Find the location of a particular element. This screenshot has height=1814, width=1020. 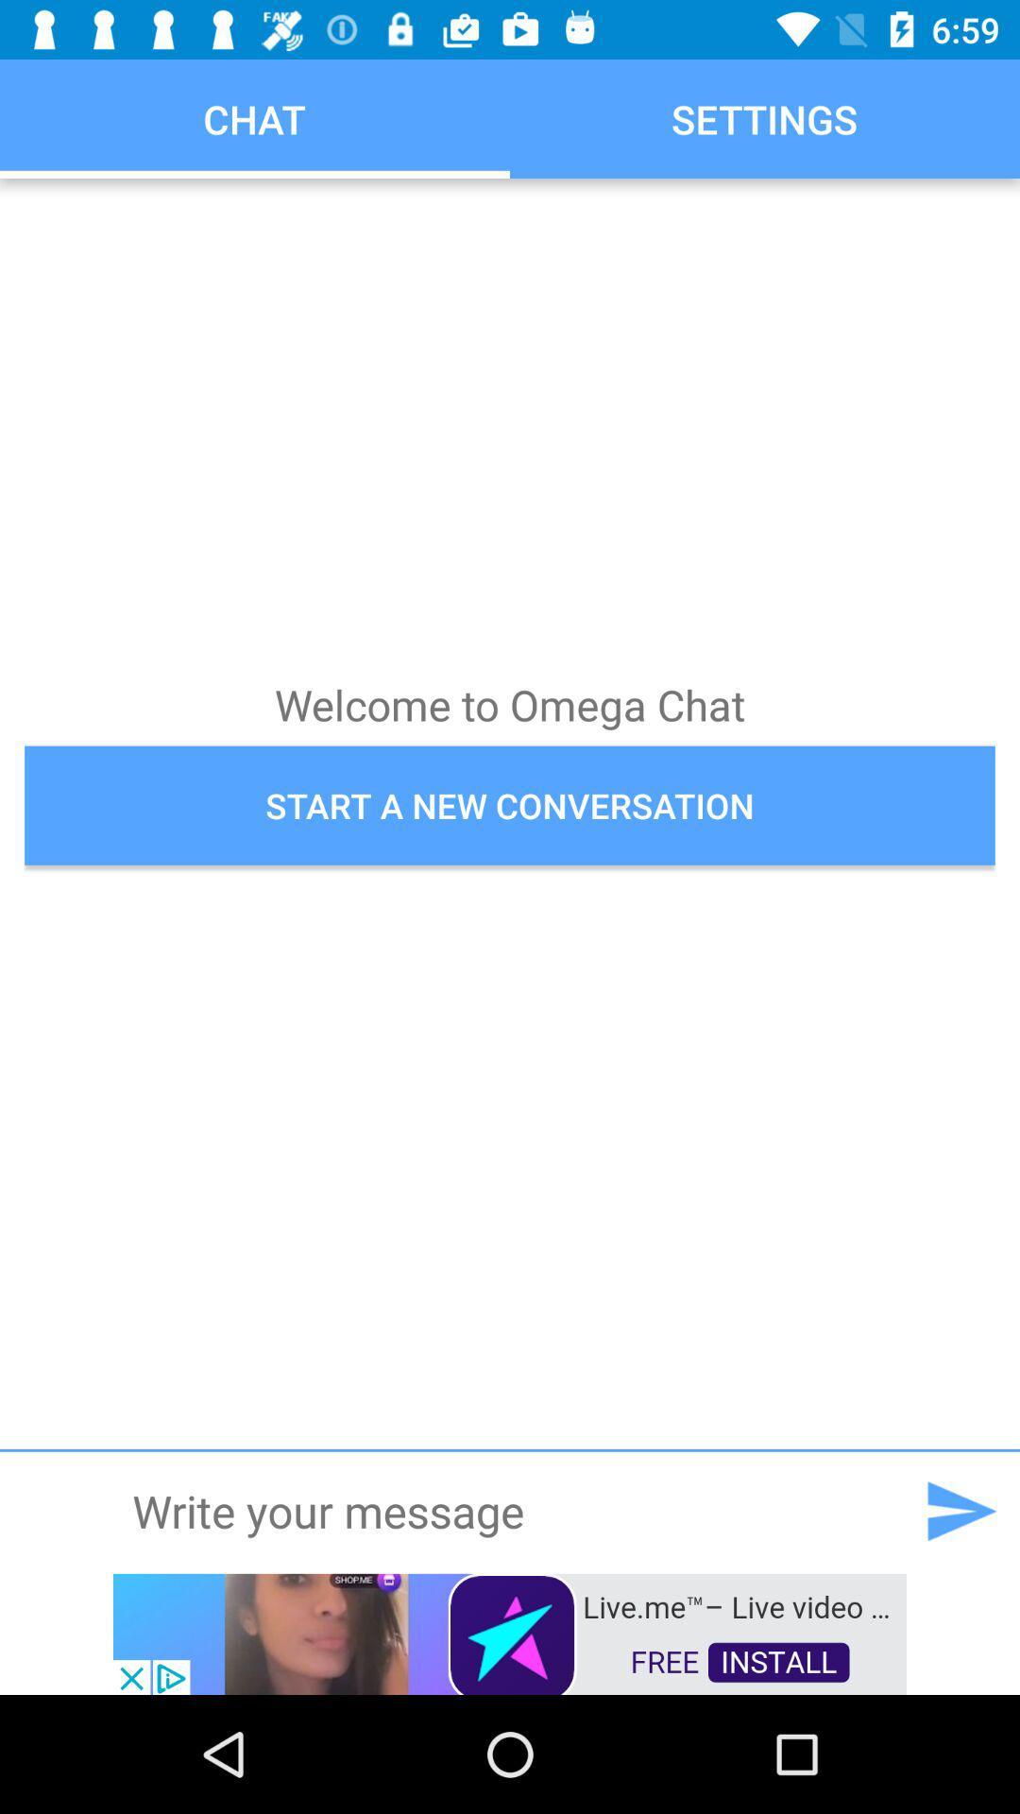

type message is located at coordinates (508, 1510).